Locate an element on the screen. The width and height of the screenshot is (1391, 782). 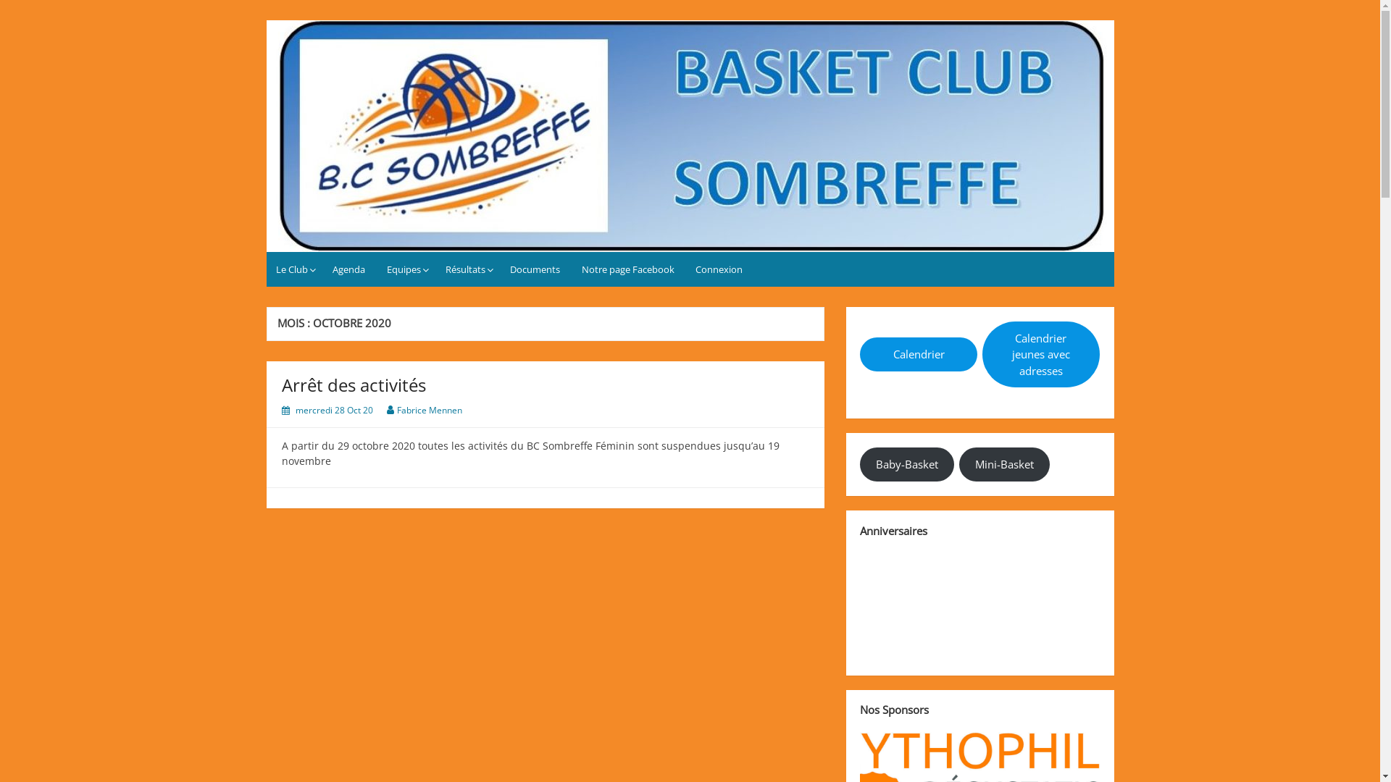
'Le Club' is located at coordinates (293, 269).